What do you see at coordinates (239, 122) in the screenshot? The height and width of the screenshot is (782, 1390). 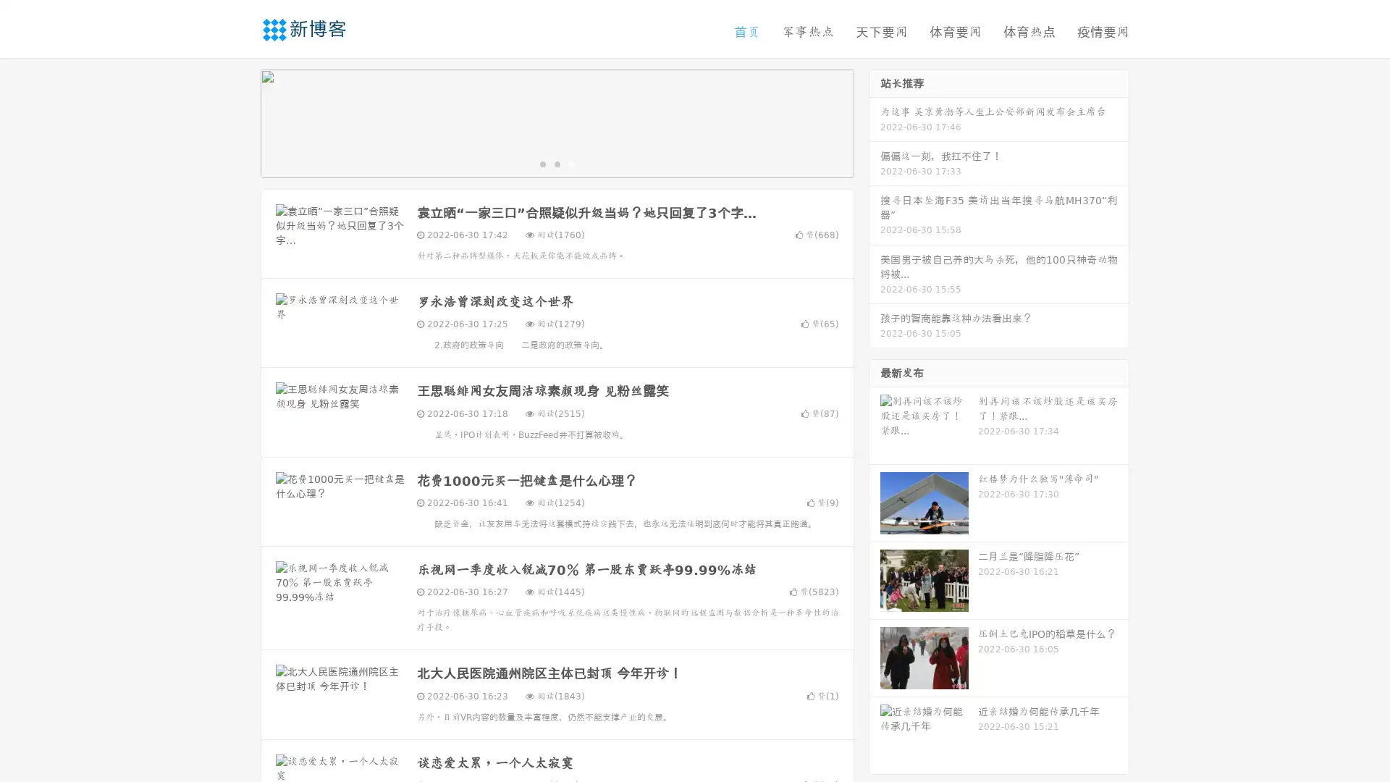 I see `Previous slide` at bounding box center [239, 122].